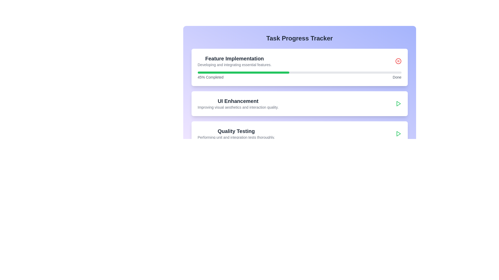  I want to click on the header title that identifies the task, located beneath the 'Feature Implementation' section and above the 'Quality Testing' section, so click(238, 101).